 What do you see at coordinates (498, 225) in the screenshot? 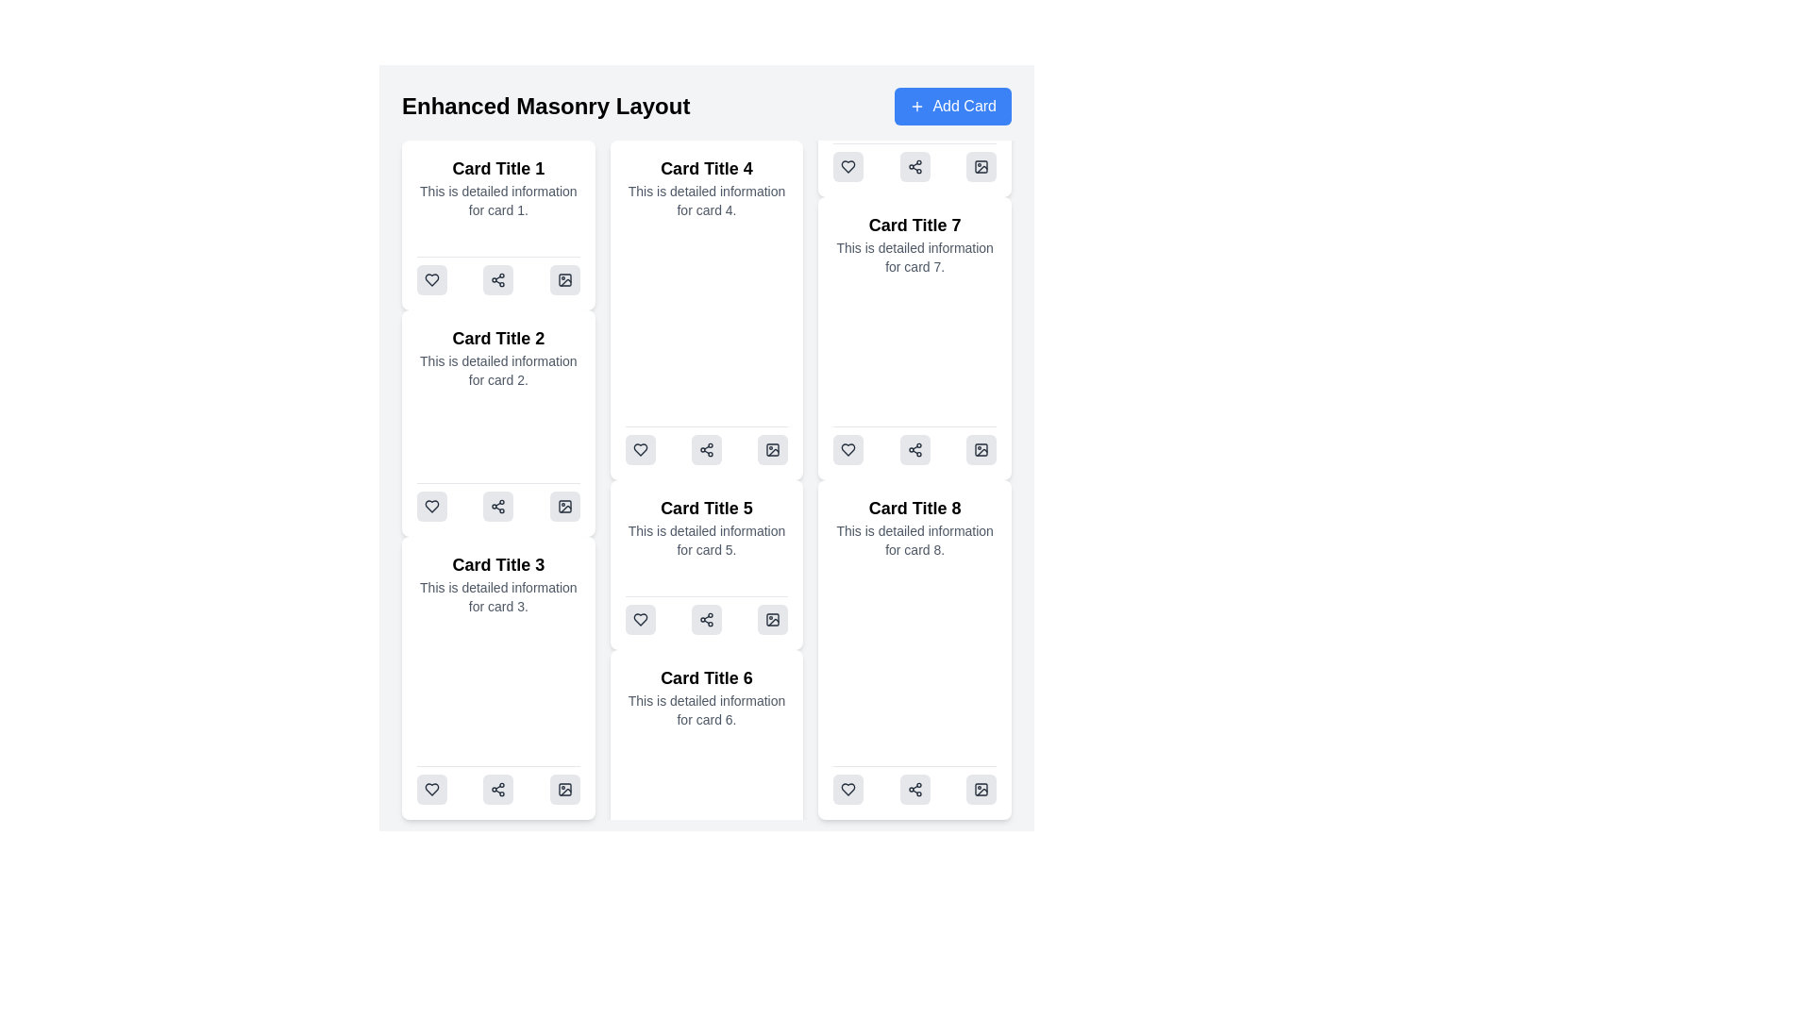
I see `the card element titled 'Card Title 1', which is a rectangular block with rounded corners, containing a bold title and descriptive text, located in the first column and first row of the grid layout` at bounding box center [498, 225].